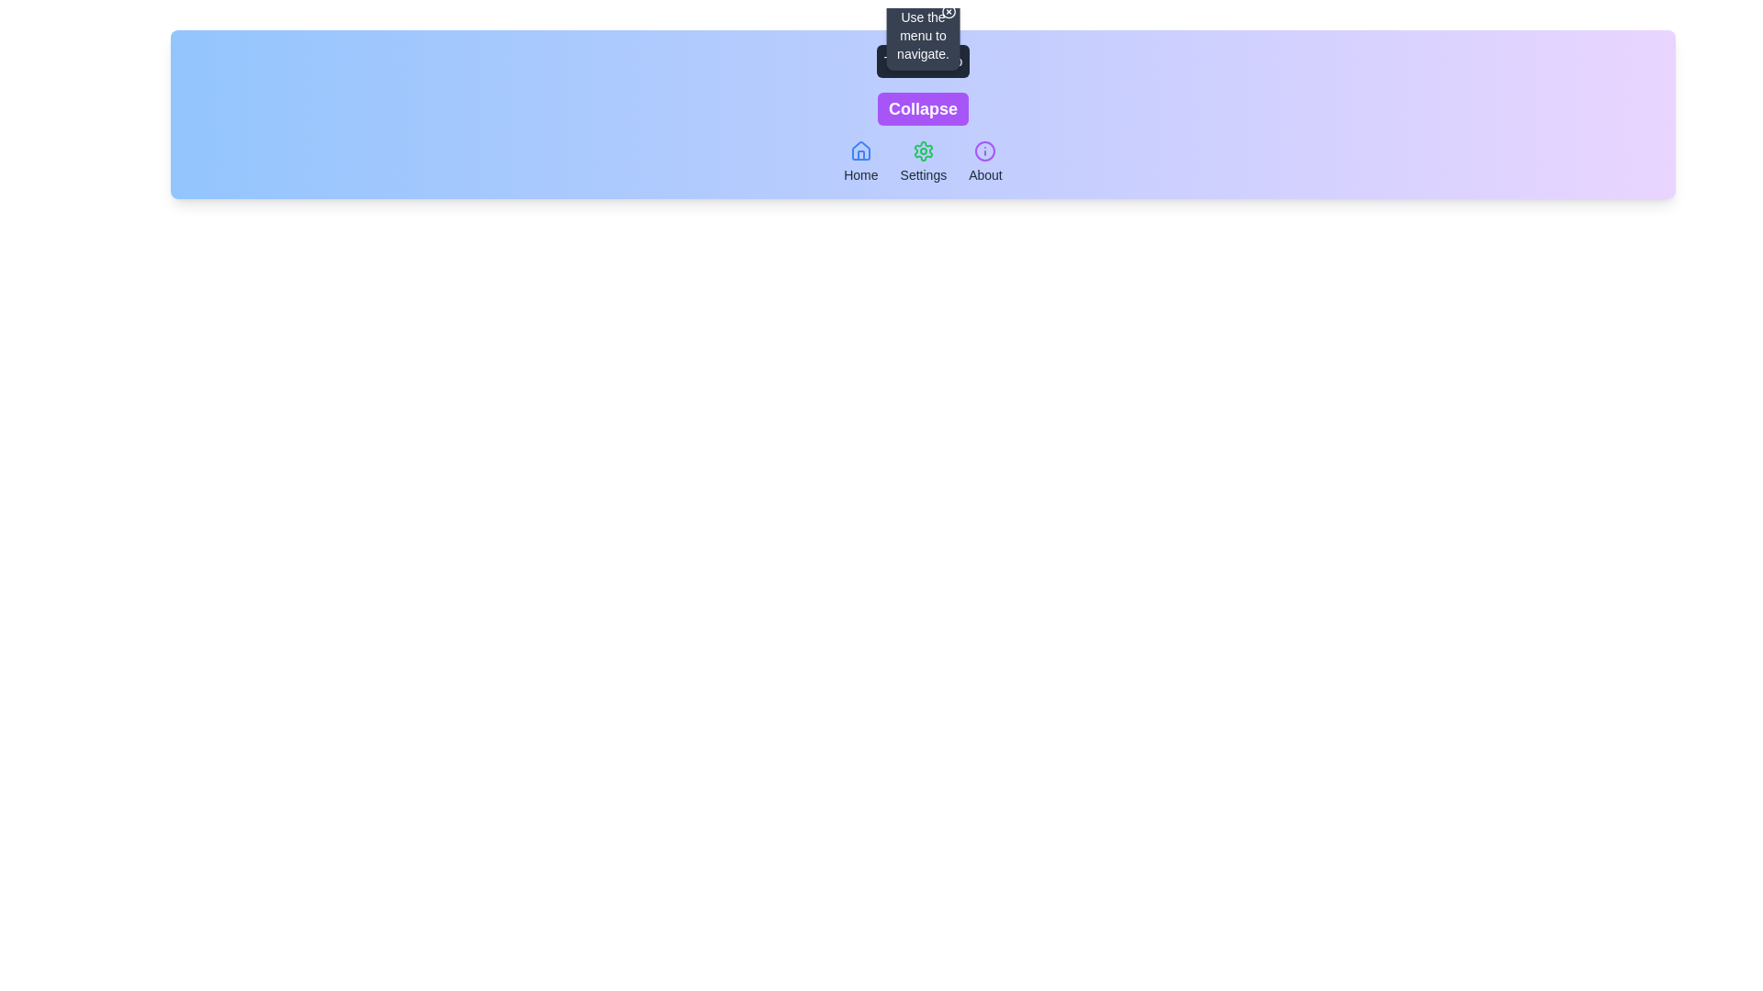 This screenshot has width=1763, height=991. Describe the element at coordinates (984, 161) in the screenshot. I see `the third button in the header, which features a purple circular 'info' icon above the label 'About'` at that location.